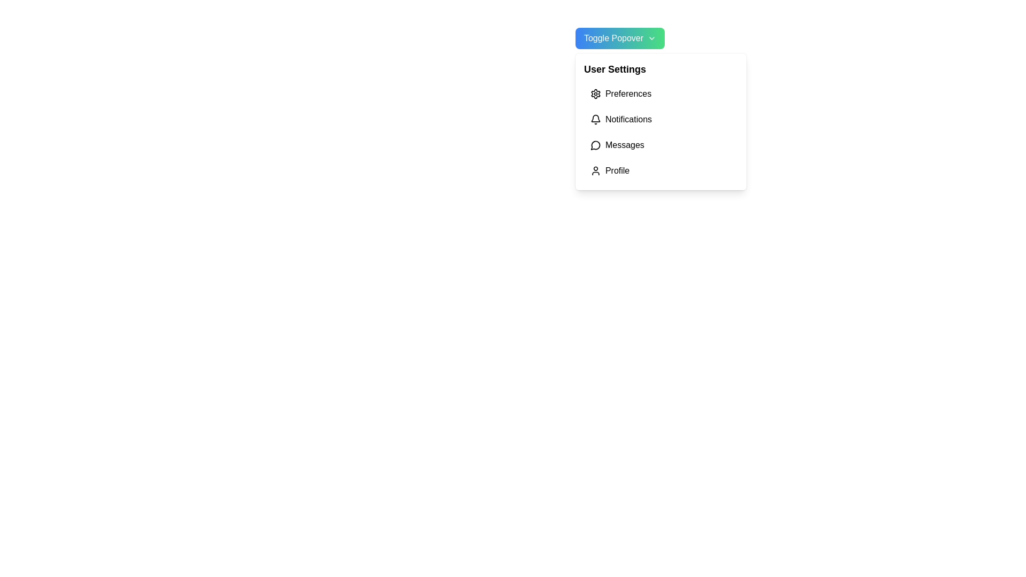 This screenshot has height=577, width=1026. I want to click on the Icon located to the left of the 'Preferences' label in the 'User Settings' dropdown menu, which visually indicates the management of settings, so click(595, 93).